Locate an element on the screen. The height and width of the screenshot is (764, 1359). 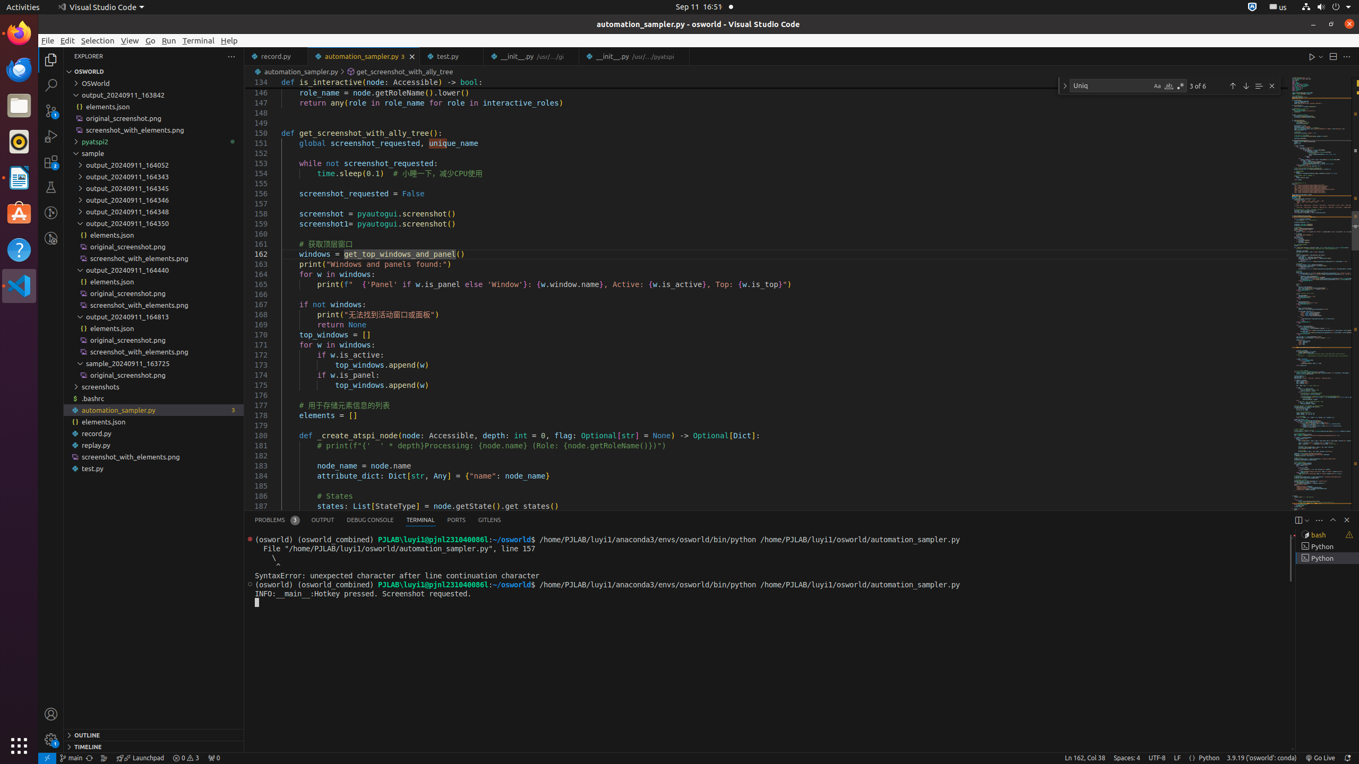
'replay.py' is located at coordinates (153, 445).